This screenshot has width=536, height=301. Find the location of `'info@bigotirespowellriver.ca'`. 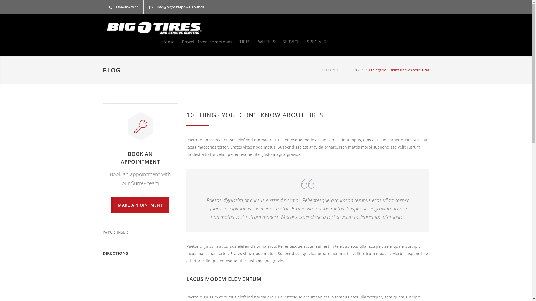

'info@bigotirespowellriver.ca' is located at coordinates (156, 7).